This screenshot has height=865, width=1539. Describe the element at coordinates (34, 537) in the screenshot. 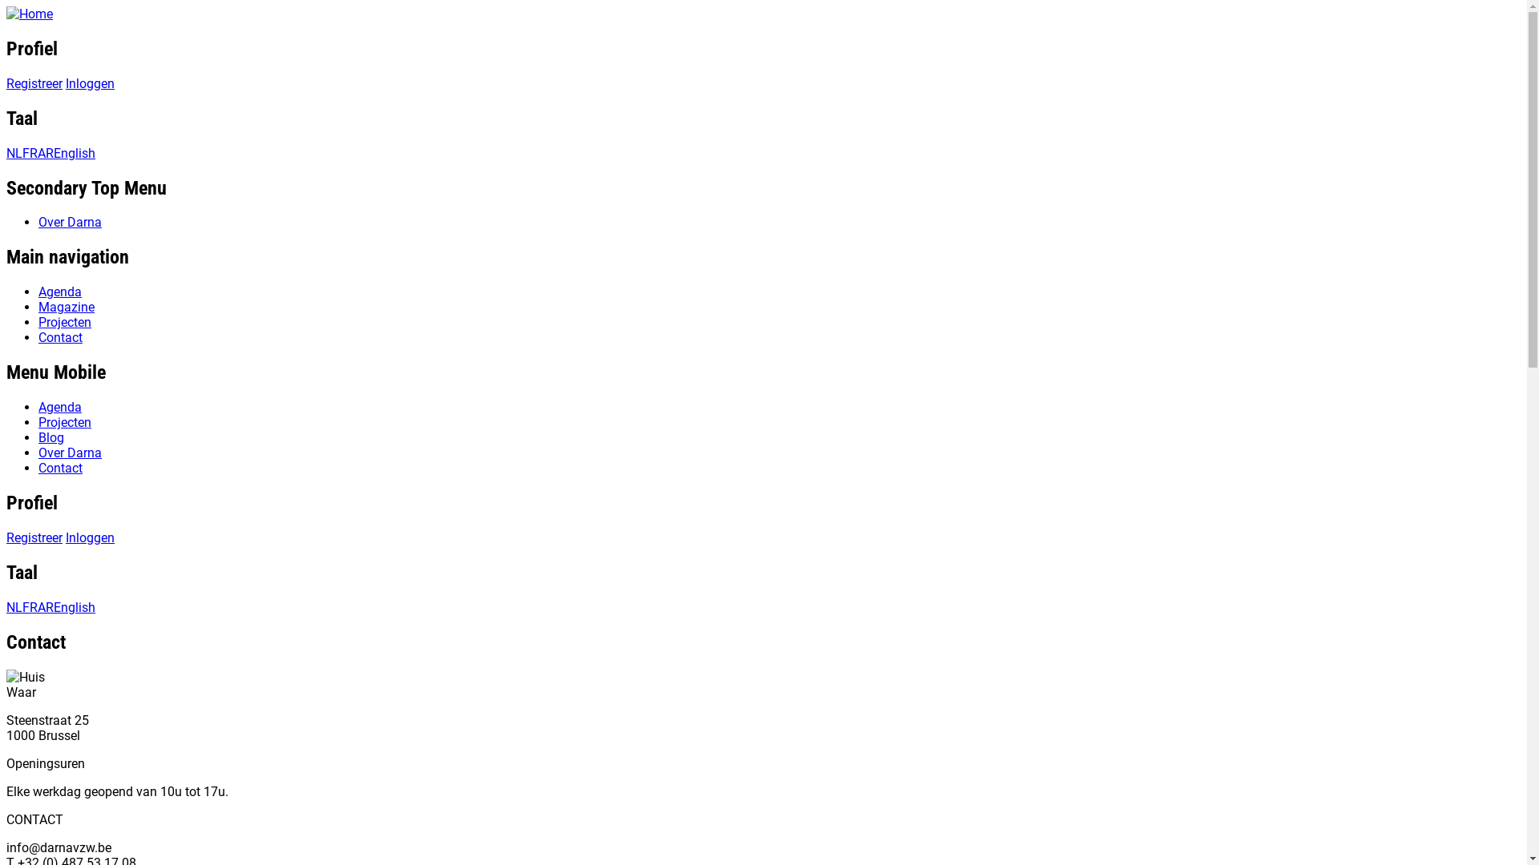

I see `'Registreer'` at that location.